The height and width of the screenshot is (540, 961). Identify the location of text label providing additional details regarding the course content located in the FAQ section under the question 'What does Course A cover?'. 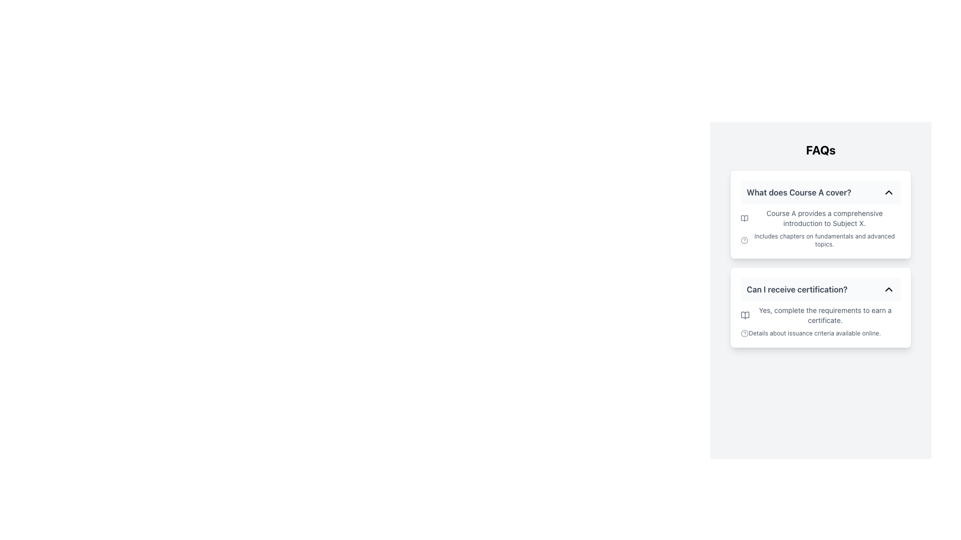
(821, 240).